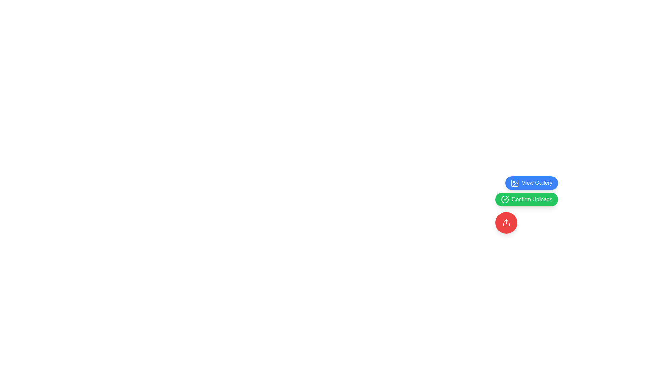 Image resolution: width=656 pixels, height=369 pixels. I want to click on the 'Confirm Uploads' button, which is the green button located in the vertical stack above the circular red upload button in the bottom-right corner of the interface, so click(526, 191).